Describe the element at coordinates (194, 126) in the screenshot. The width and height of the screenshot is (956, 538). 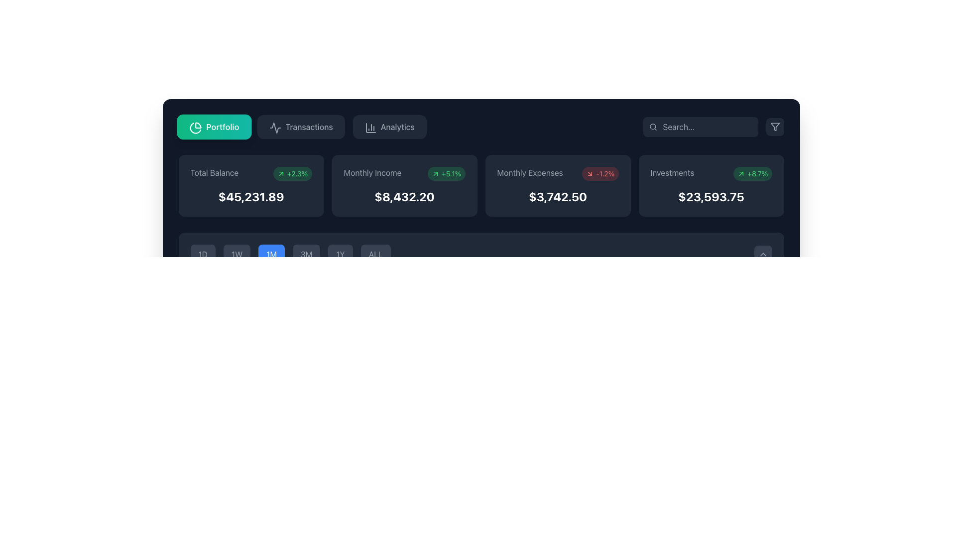
I see `the pie chart icon located within the 'Portfolio' button in the upper-left corner of the navigation row` at that location.